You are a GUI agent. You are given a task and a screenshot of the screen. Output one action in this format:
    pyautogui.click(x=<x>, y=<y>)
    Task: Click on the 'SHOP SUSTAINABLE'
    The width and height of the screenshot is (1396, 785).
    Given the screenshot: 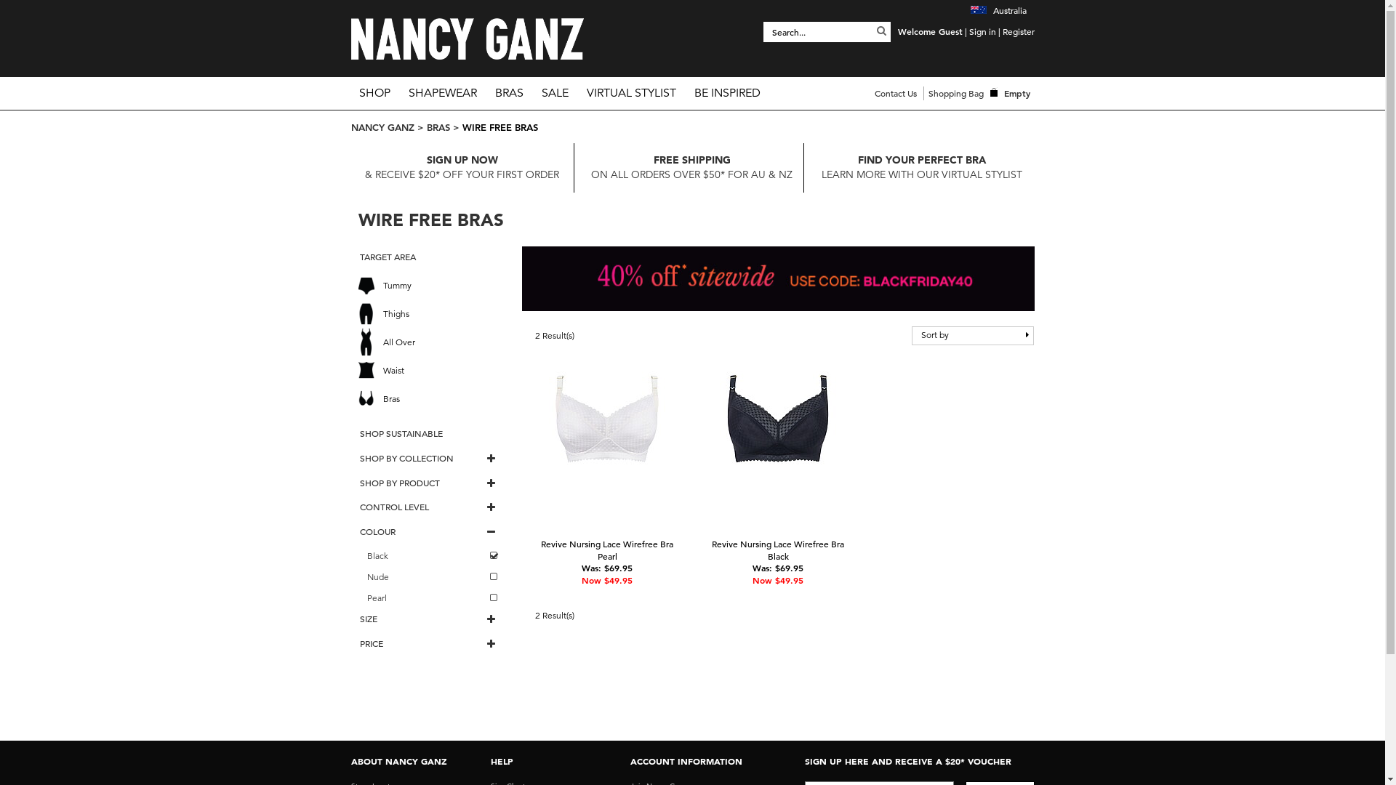 What is the action you would take?
    pyautogui.click(x=428, y=432)
    